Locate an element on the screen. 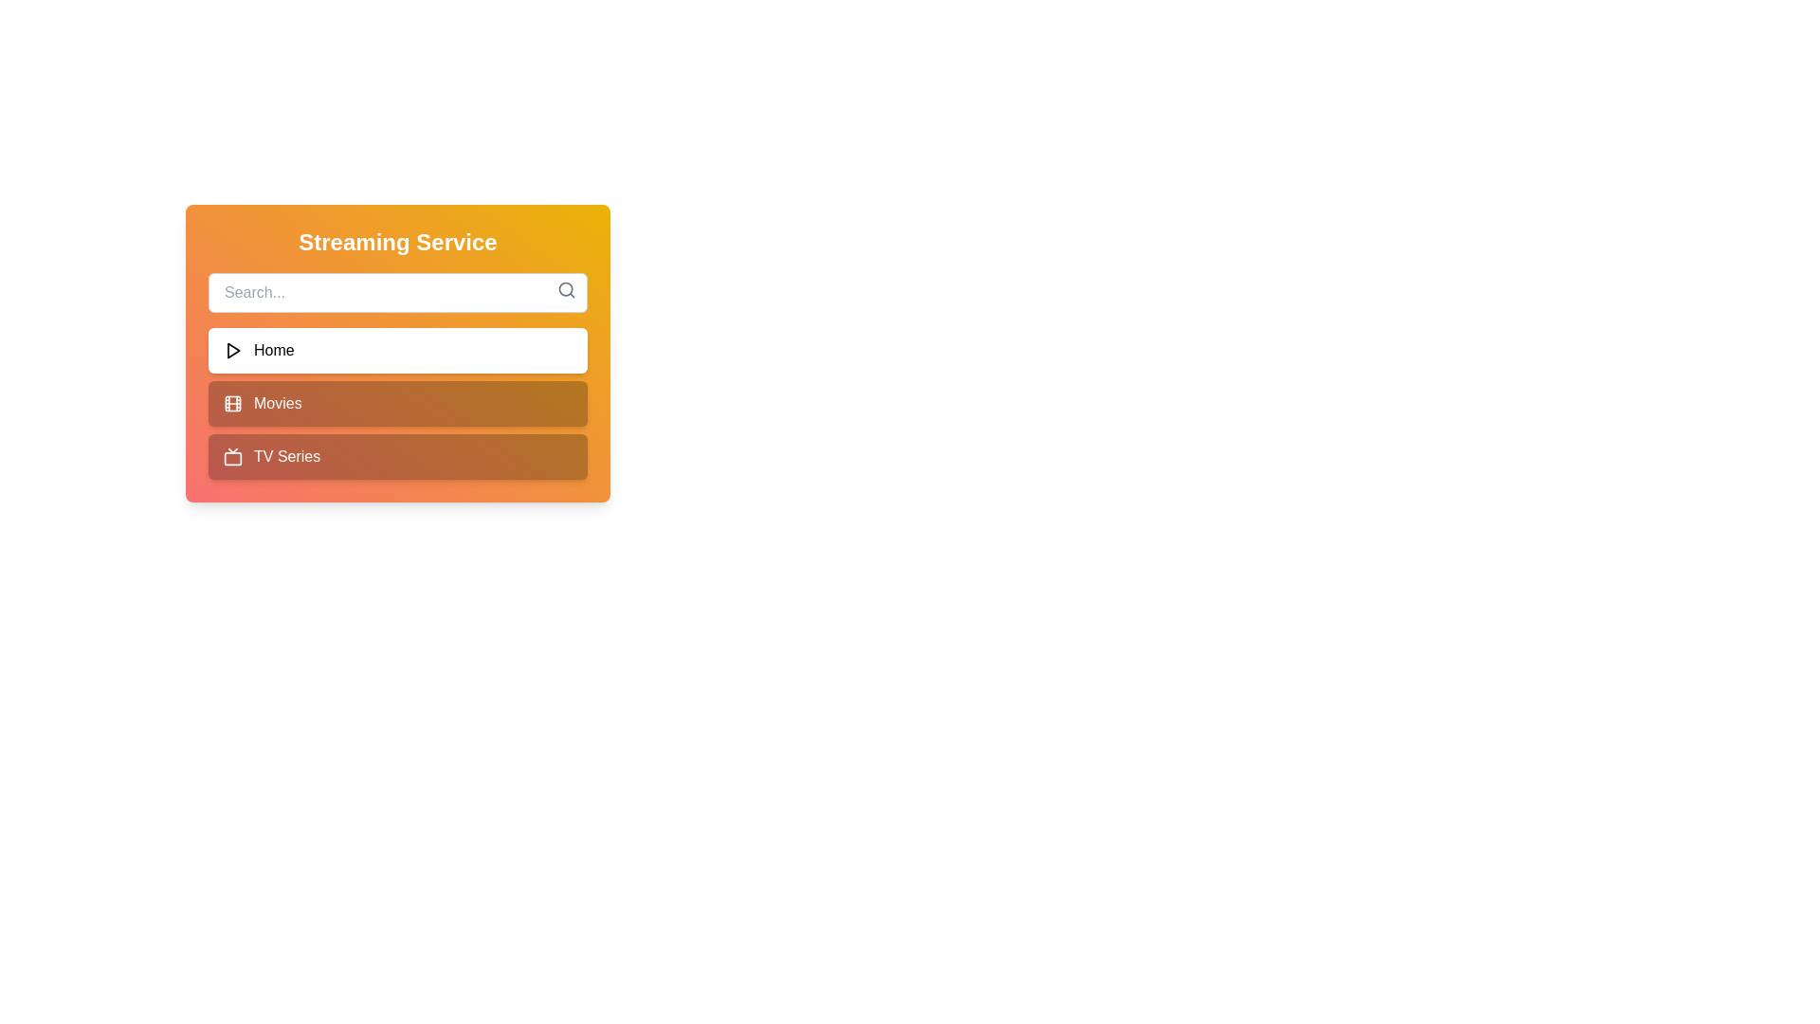  the TV Series icon located at the top-left corner of the 'TV Series' button, which is the third button in a vertical stack under the search bar on the left side of the application interface is located at coordinates (231, 457).